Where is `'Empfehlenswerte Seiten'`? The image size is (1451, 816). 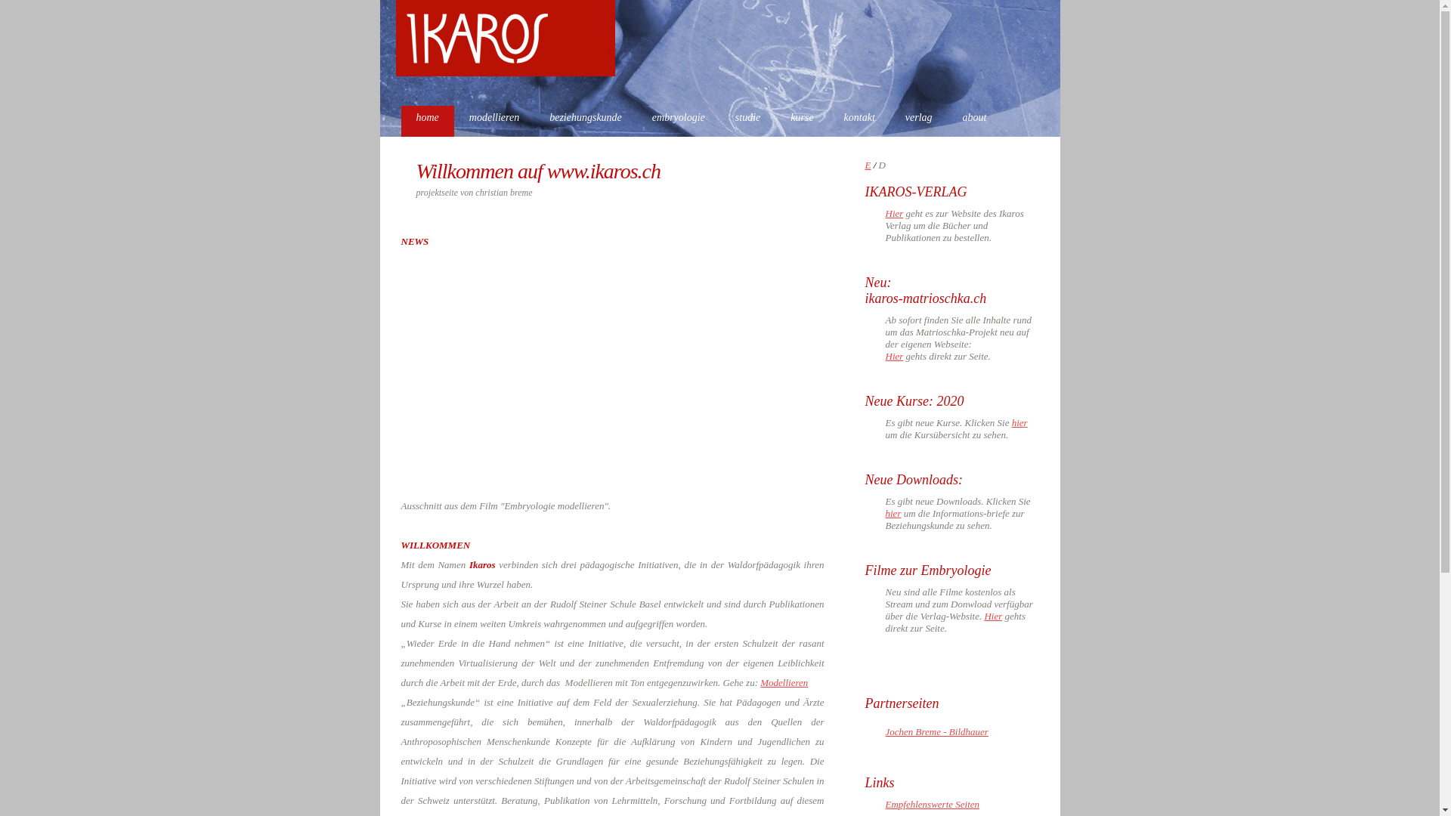 'Empfehlenswerte Seiten' is located at coordinates (932, 803).